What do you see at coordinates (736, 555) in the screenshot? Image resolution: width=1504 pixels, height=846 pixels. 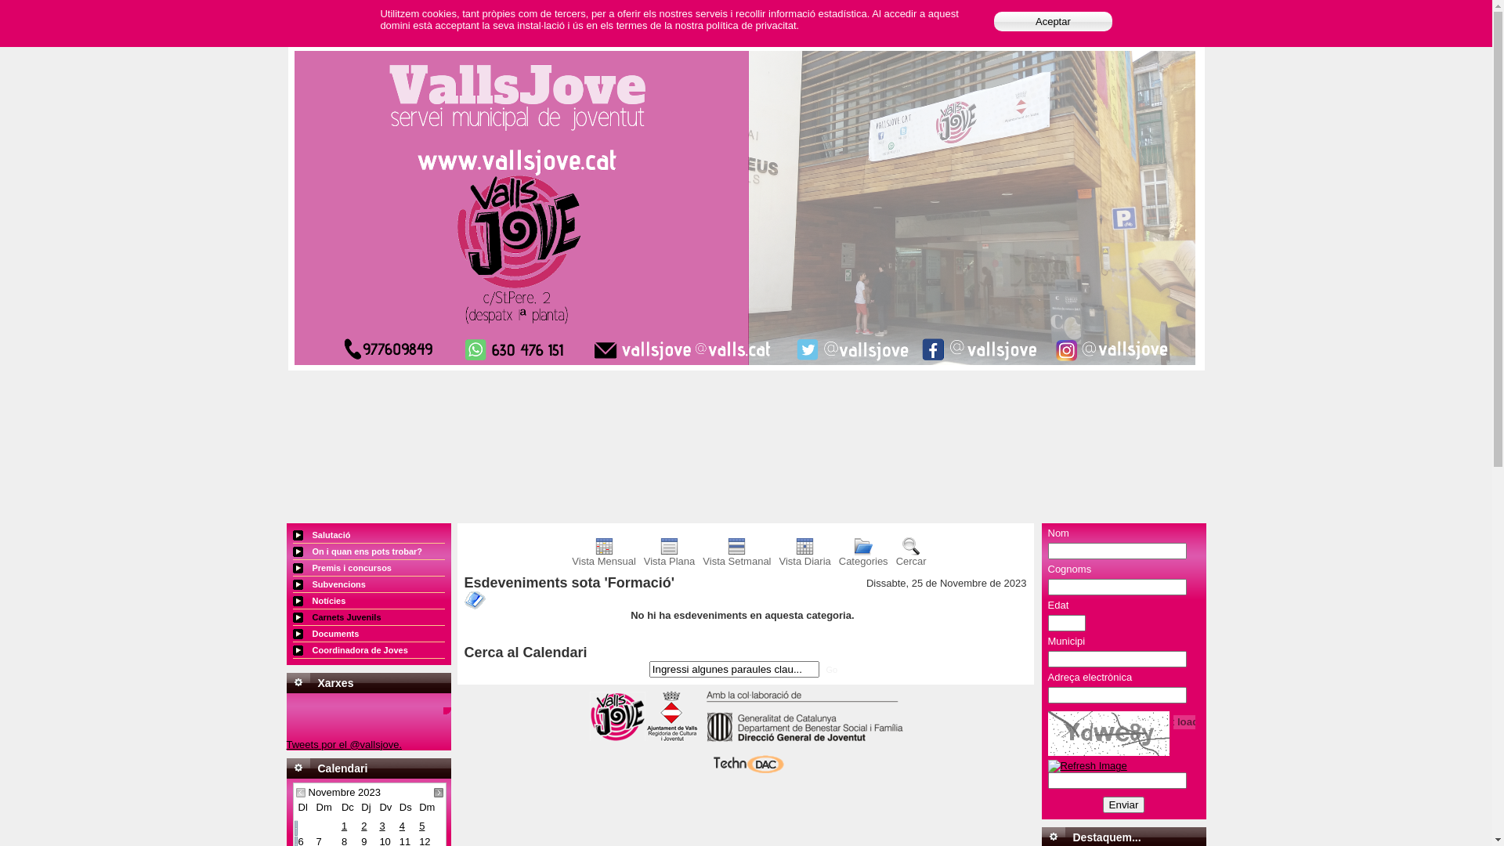 I see `'Vista Setmanal'` at bounding box center [736, 555].